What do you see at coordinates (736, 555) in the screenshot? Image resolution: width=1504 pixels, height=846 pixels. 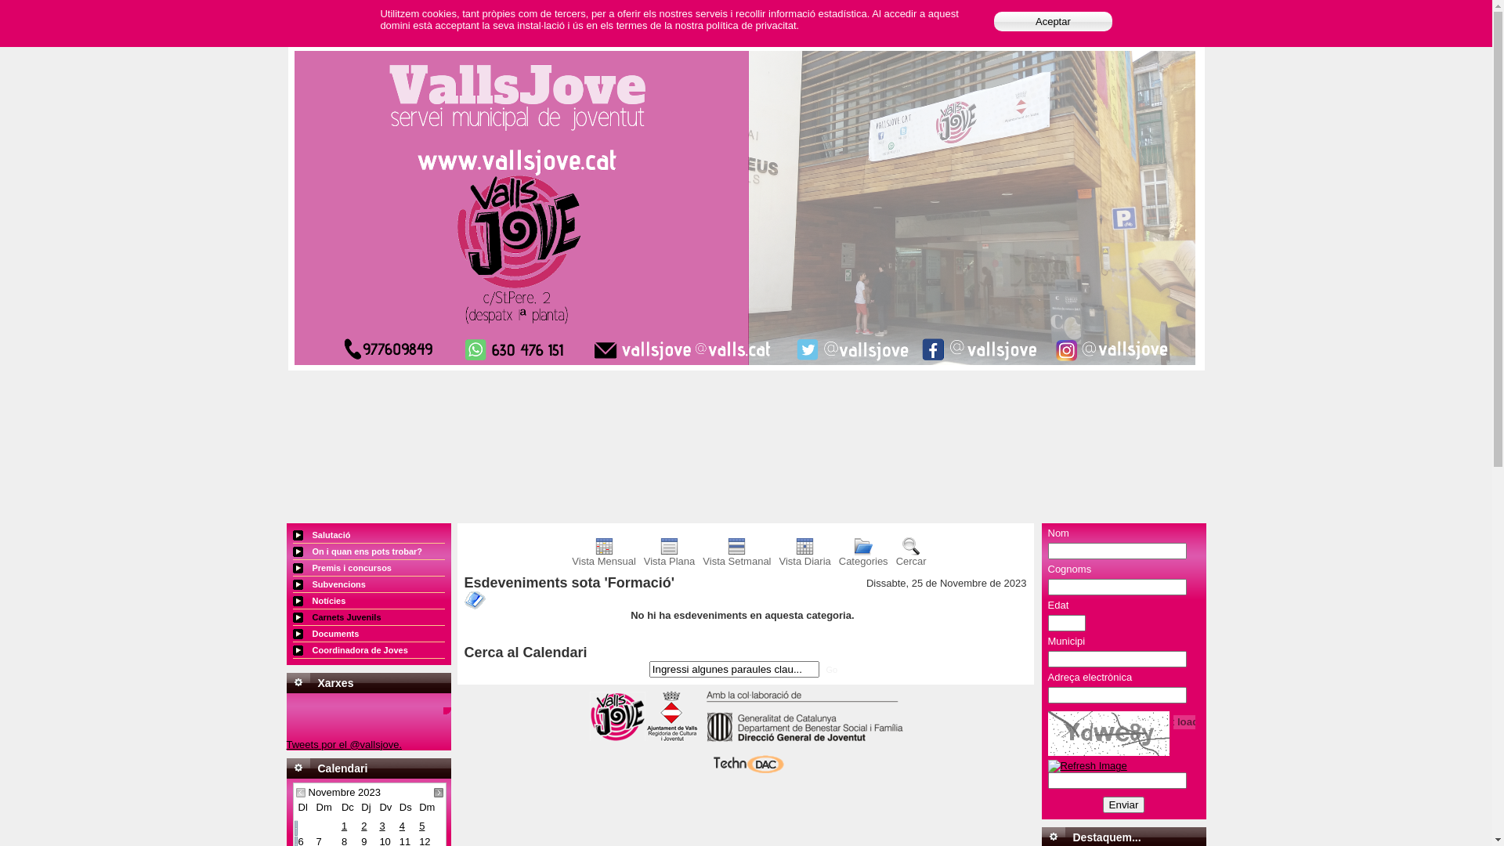 I see `'Vista Setmanal'` at bounding box center [736, 555].